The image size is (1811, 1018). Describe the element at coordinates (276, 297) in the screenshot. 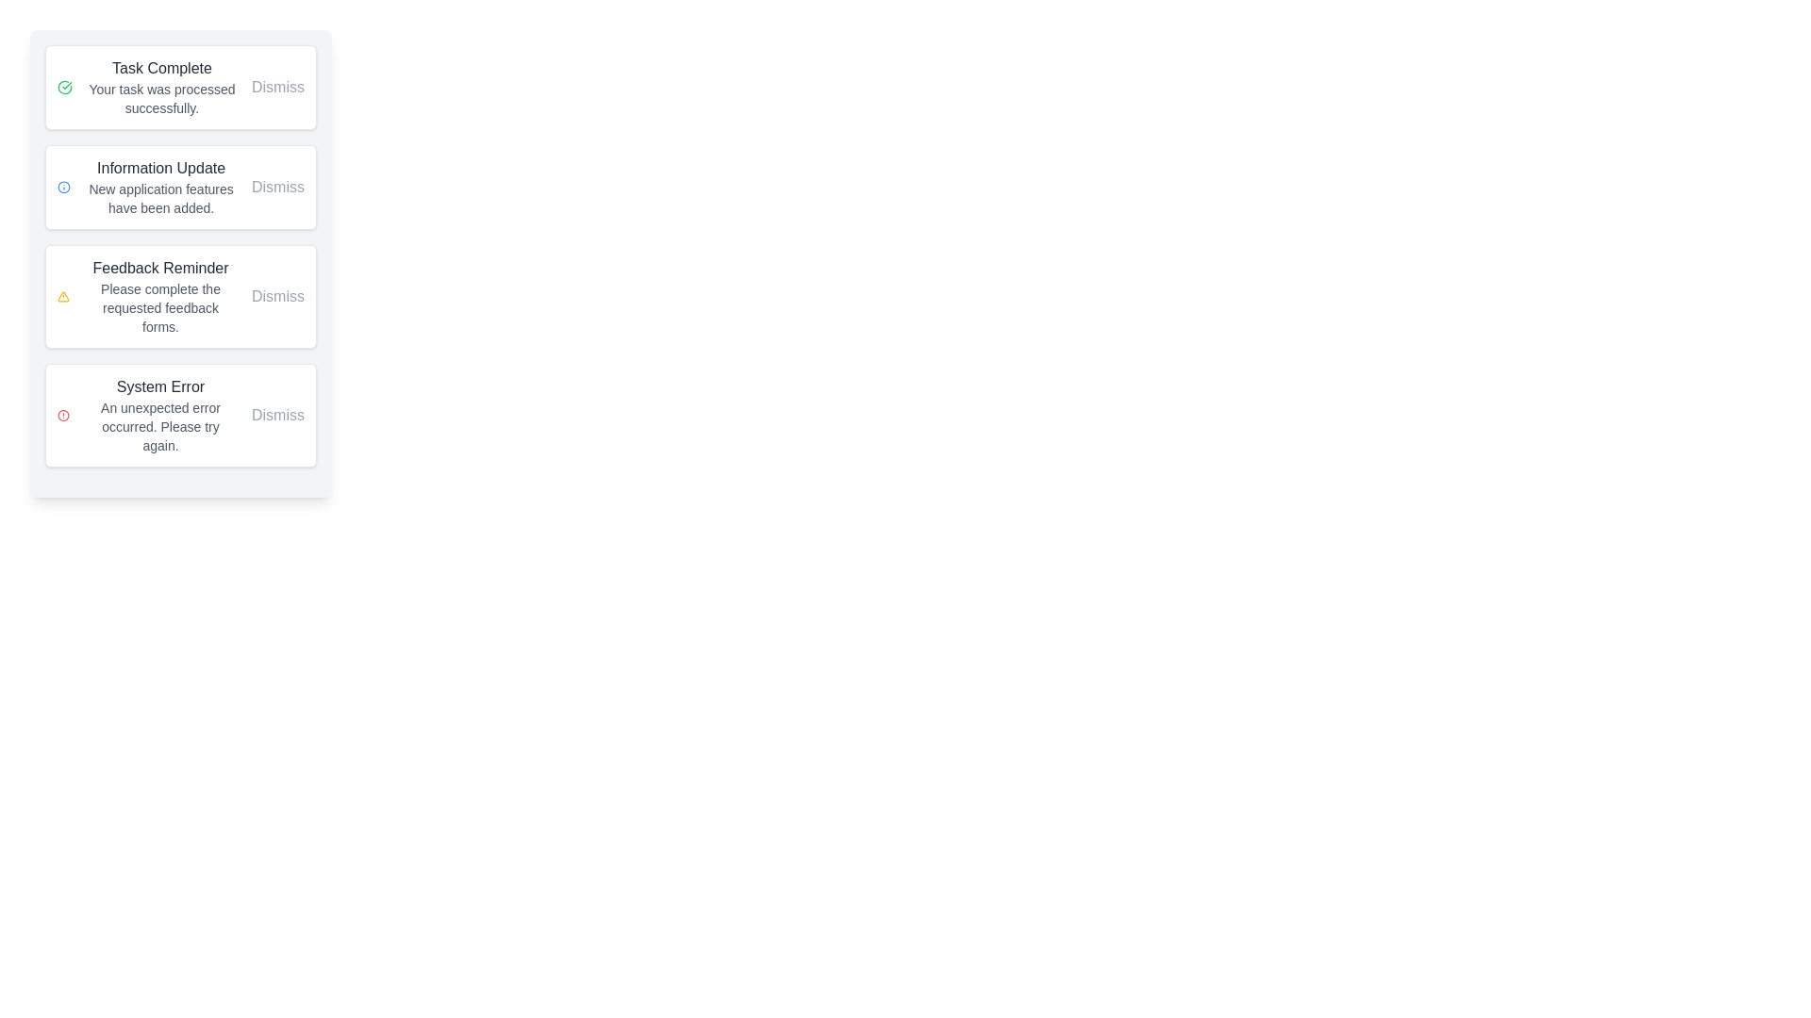

I see `the dismiss button located at the top-right corner of the 'Feedback Reminder' card to change its color` at that location.